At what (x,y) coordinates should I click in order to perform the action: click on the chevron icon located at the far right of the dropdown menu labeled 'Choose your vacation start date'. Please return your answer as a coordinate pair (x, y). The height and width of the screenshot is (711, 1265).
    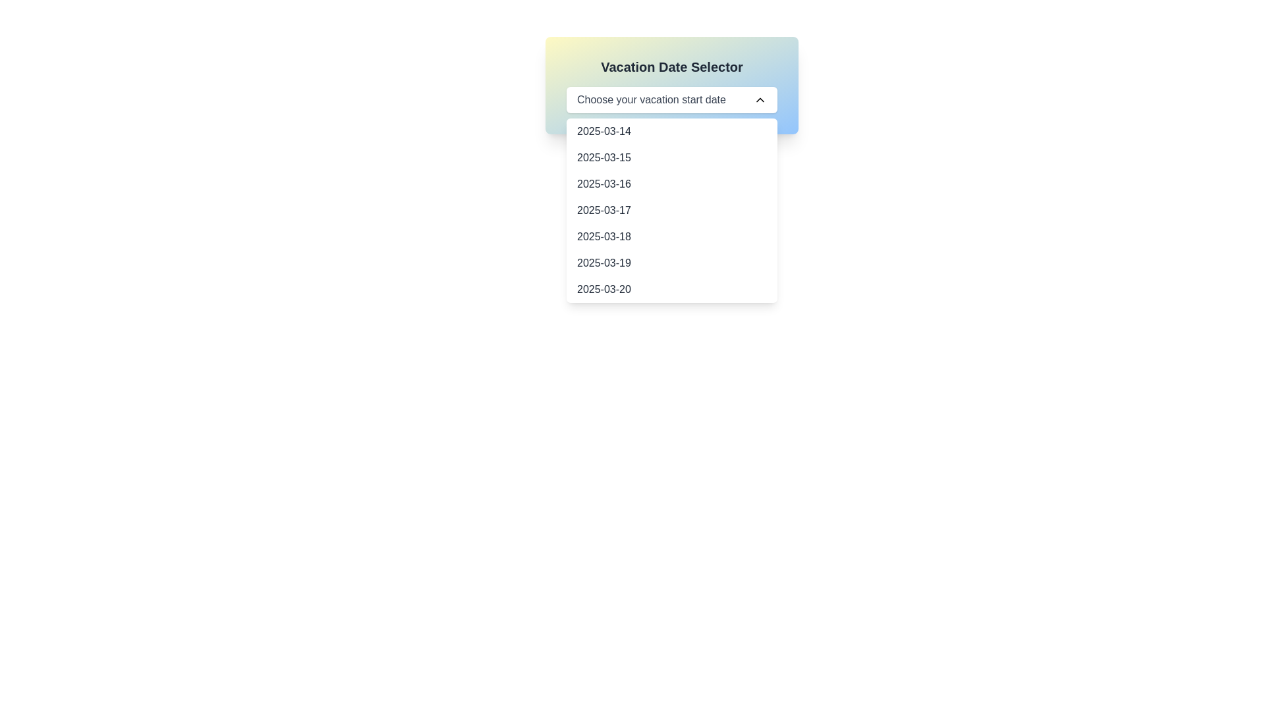
    Looking at the image, I should click on (760, 99).